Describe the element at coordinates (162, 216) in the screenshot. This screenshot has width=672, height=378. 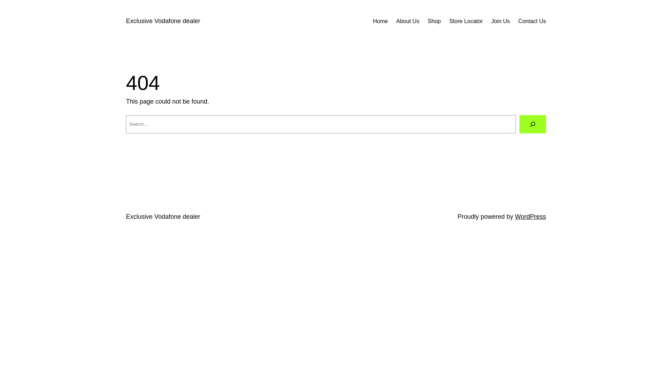
I see `'Exclusive Vodafone dealer'` at that location.